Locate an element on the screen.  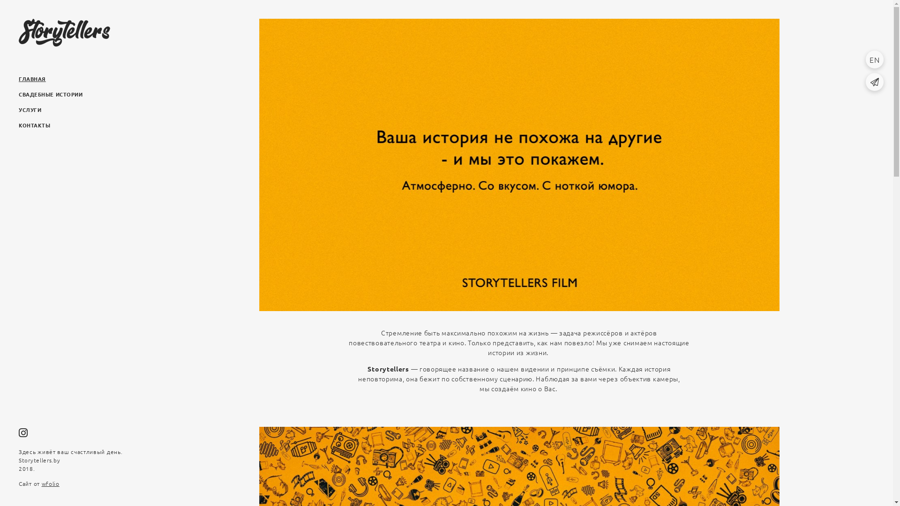
'wfolio' is located at coordinates (50, 484).